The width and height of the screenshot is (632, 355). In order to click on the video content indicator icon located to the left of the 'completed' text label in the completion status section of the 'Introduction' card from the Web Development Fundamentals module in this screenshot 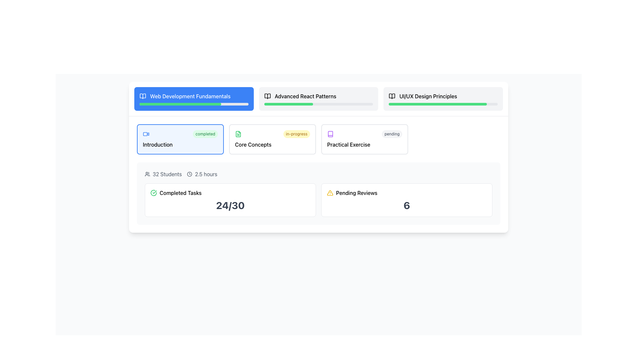, I will do `click(146, 134)`.